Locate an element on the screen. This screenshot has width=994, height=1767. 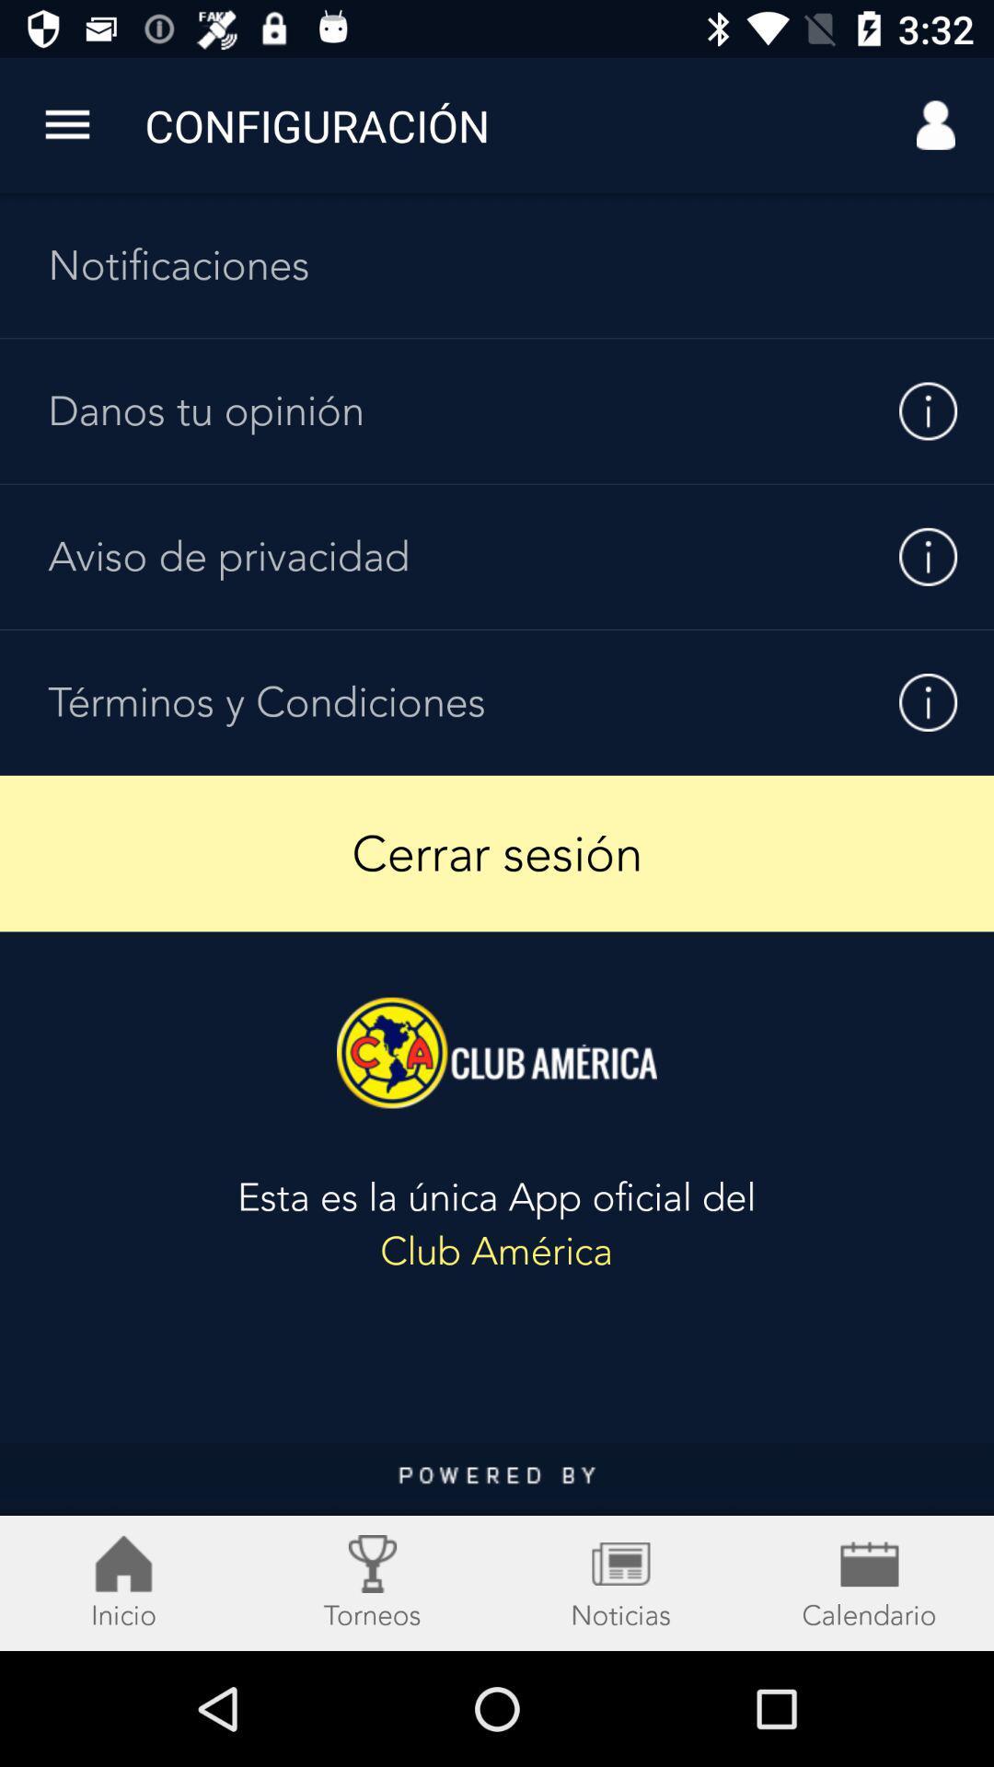
the date_range icon is located at coordinates (621, 1582).